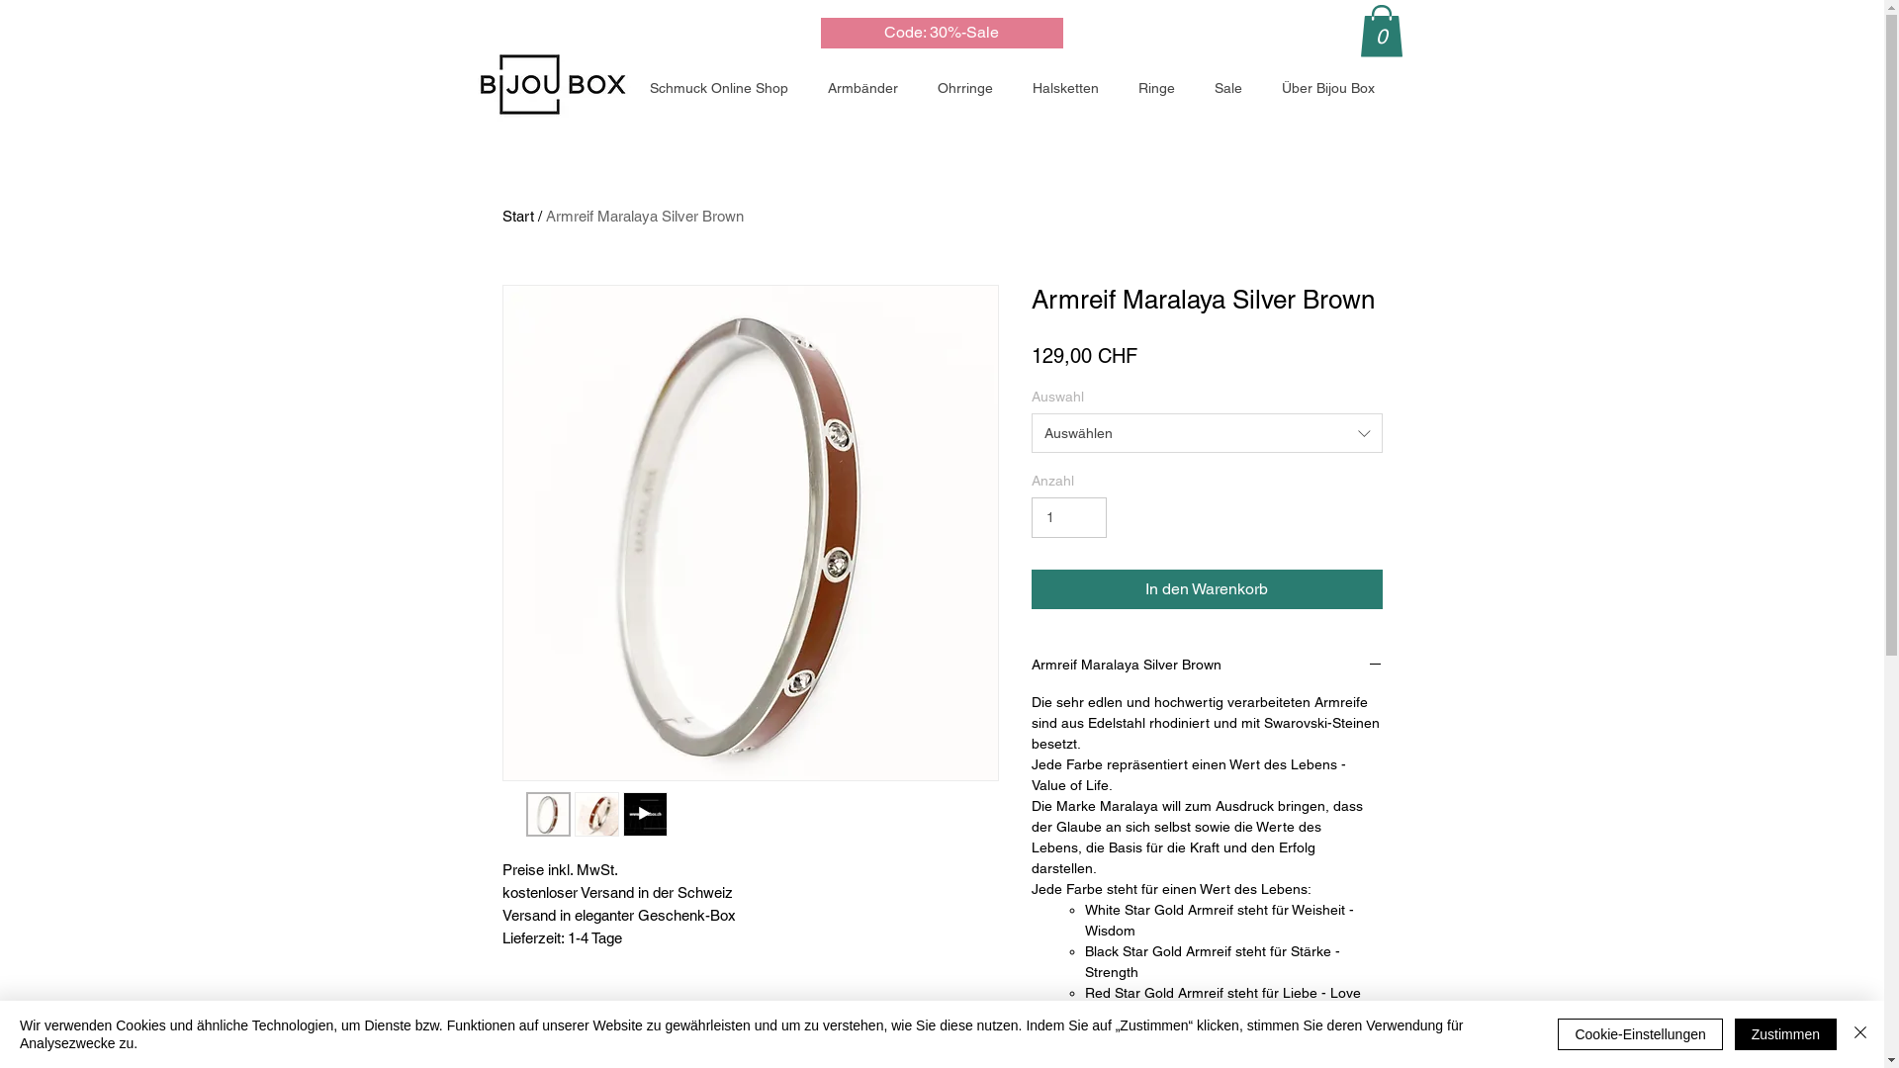  Describe the element at coordinates (1231, 86) in the screenshot. I see `'Sale'` at that location.